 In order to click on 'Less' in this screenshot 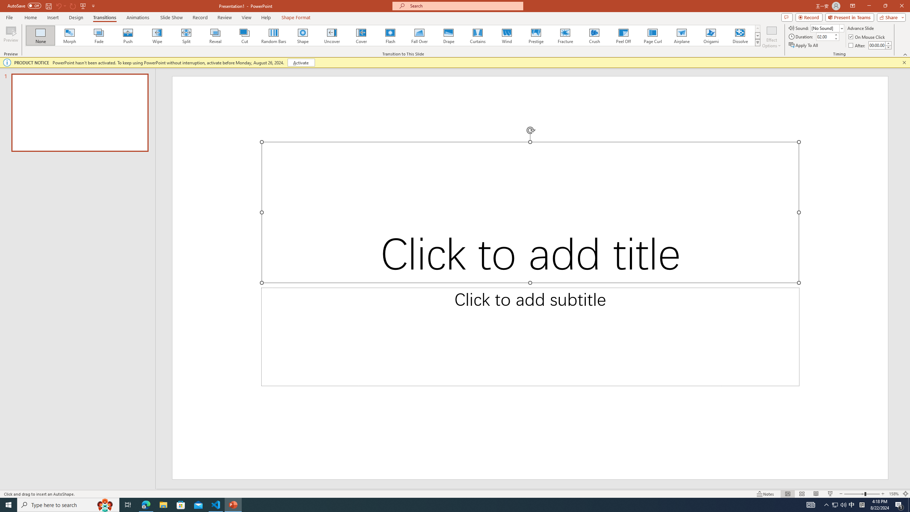, I will do `click(888, 47)`.